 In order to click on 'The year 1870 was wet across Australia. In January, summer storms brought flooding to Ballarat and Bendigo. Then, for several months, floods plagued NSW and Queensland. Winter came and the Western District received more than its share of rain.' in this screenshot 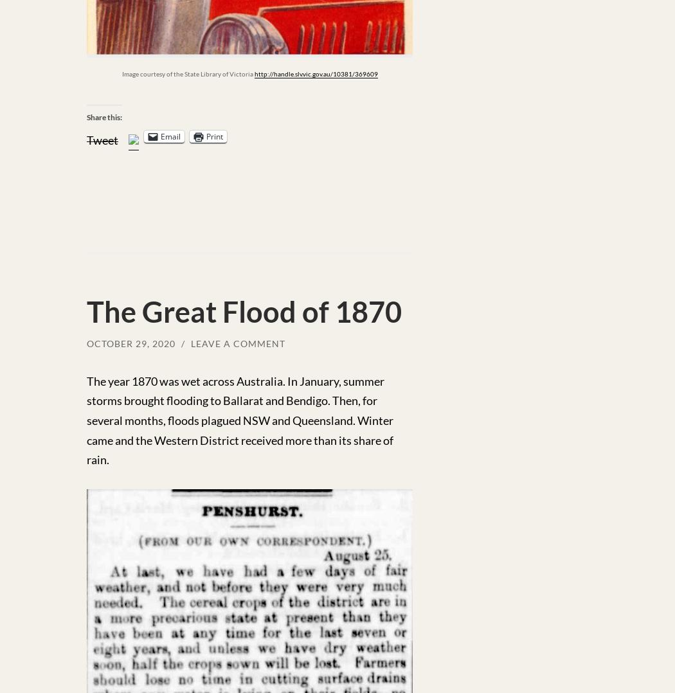, I will do `click(239, 419)`.